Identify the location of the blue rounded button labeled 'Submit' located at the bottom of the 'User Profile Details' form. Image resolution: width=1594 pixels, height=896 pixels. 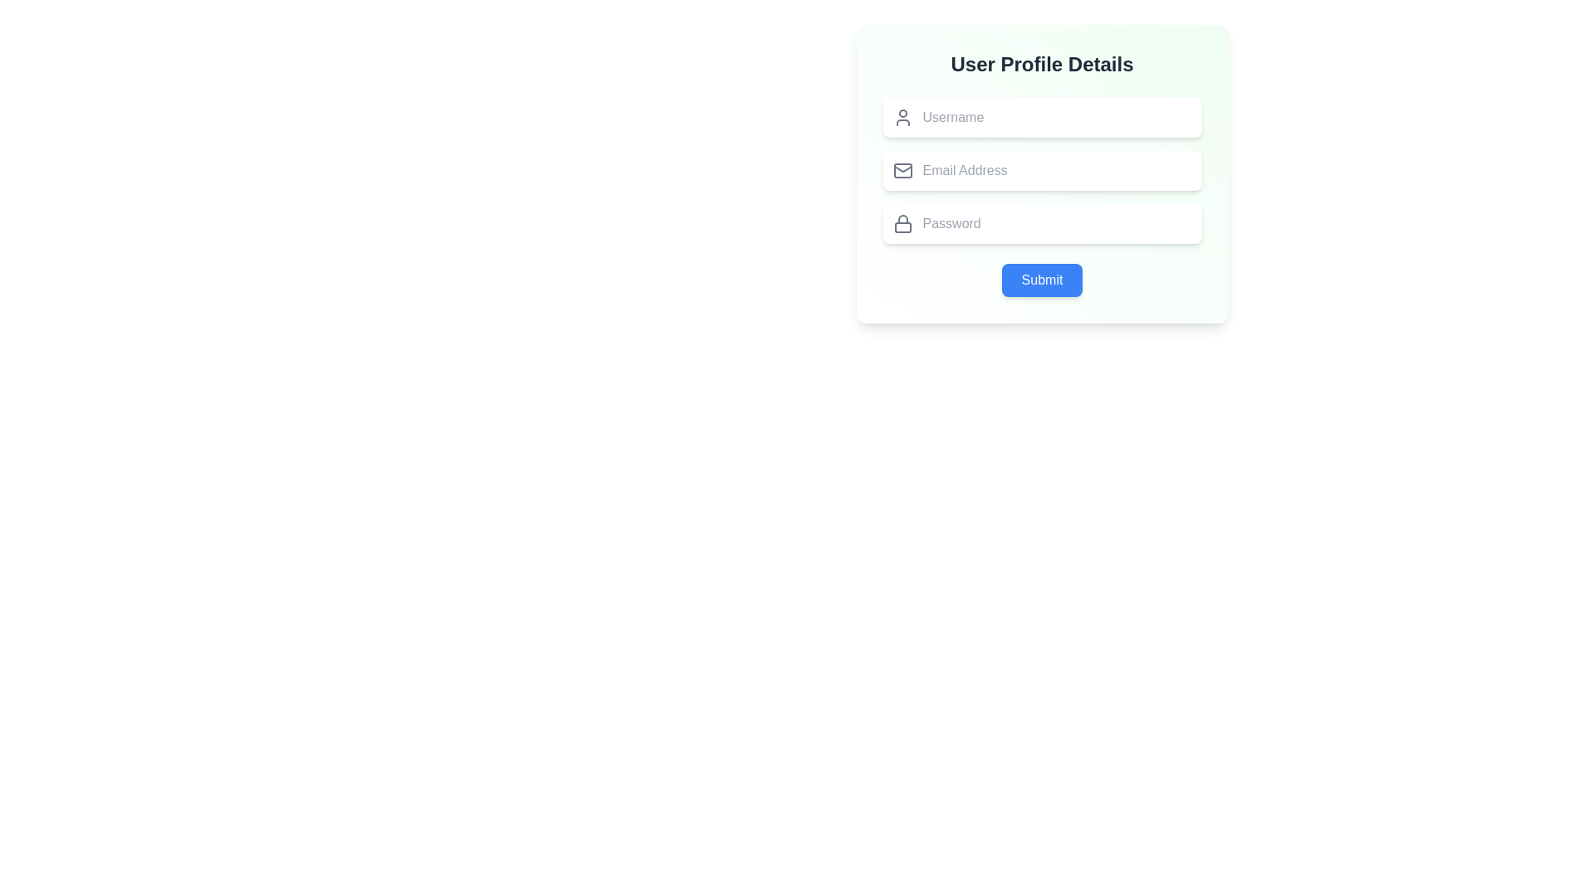
(1041, 280).